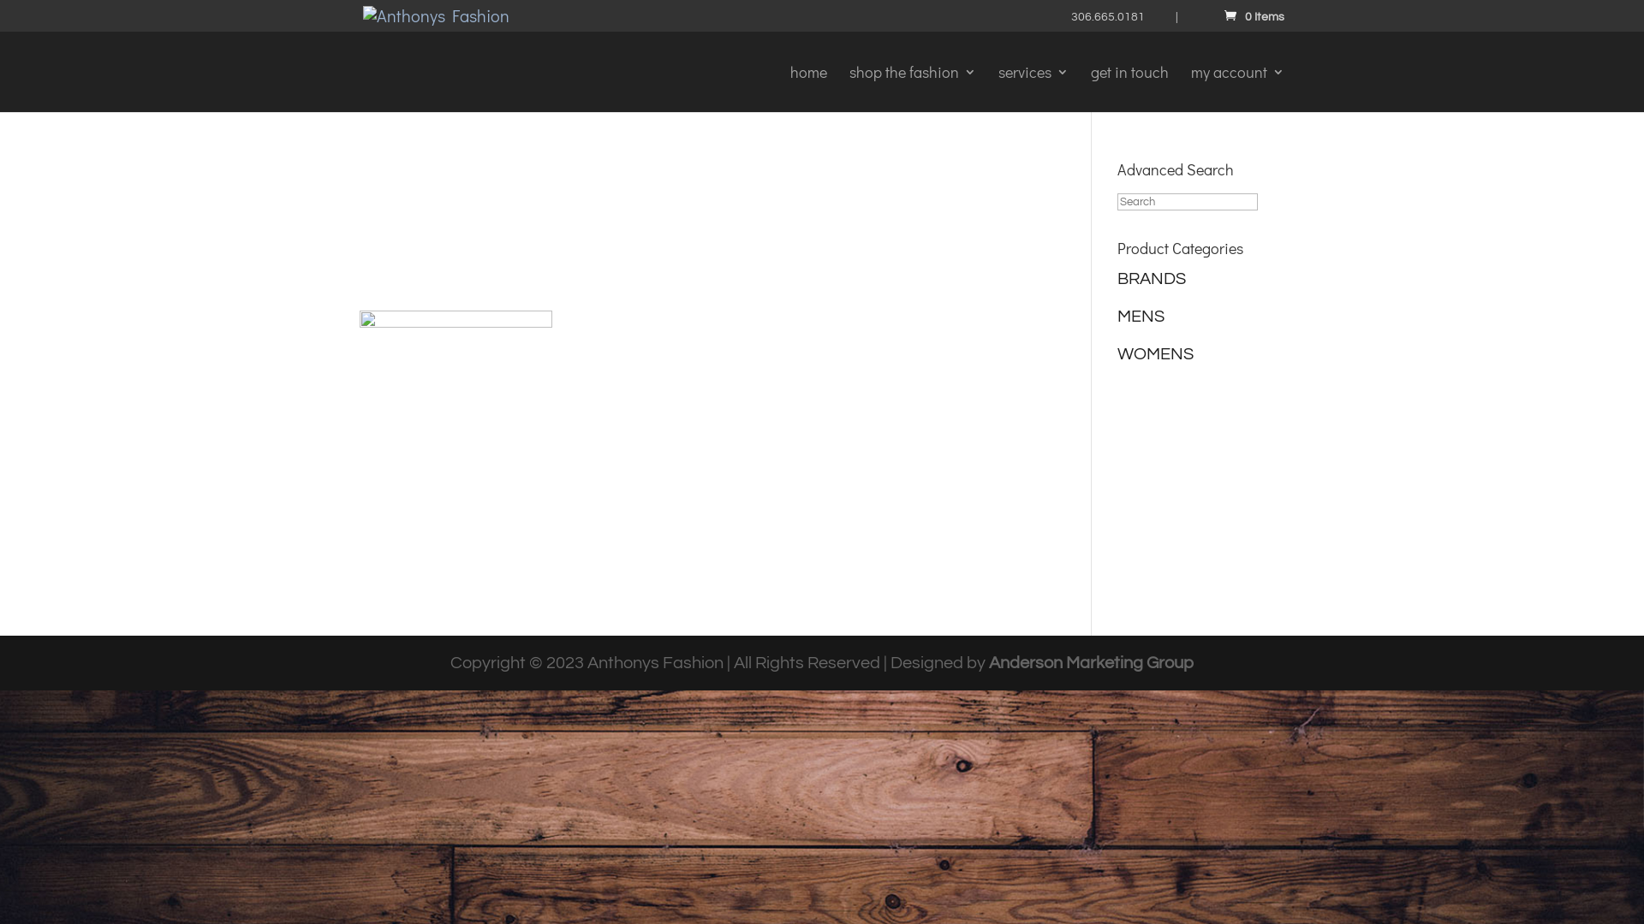 The image size is (1644, 924). What do you see at coordinates (1129, 89) in the screenshot?
I see `'get in touch'` at bounding box center [1129, 89].